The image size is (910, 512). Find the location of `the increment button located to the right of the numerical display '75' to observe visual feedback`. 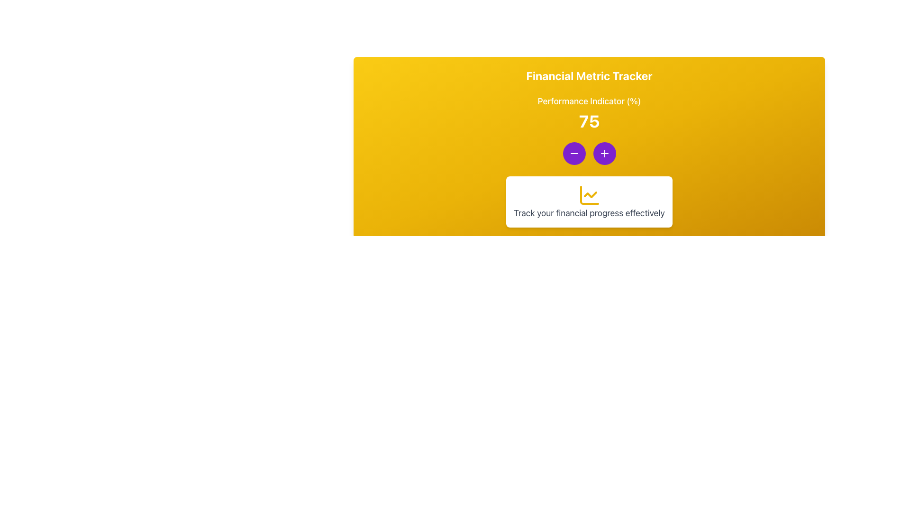

the increment button located to the right of the numerical display '75' to observe visual feedback is located at coordinates (604, 153).